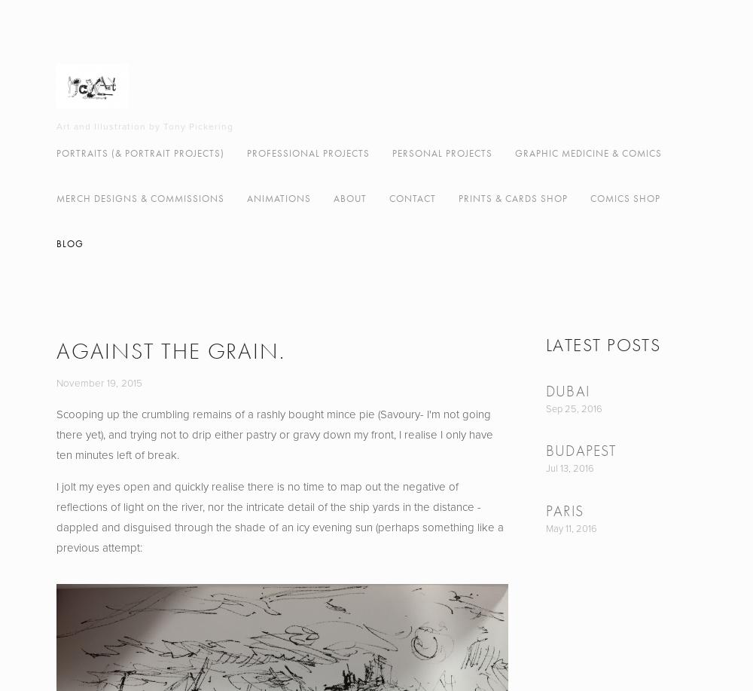  What do you see at coordinates (169, 350) in the screenshot?
I see `'Against the grain.'` at bounding box center [169, 350].